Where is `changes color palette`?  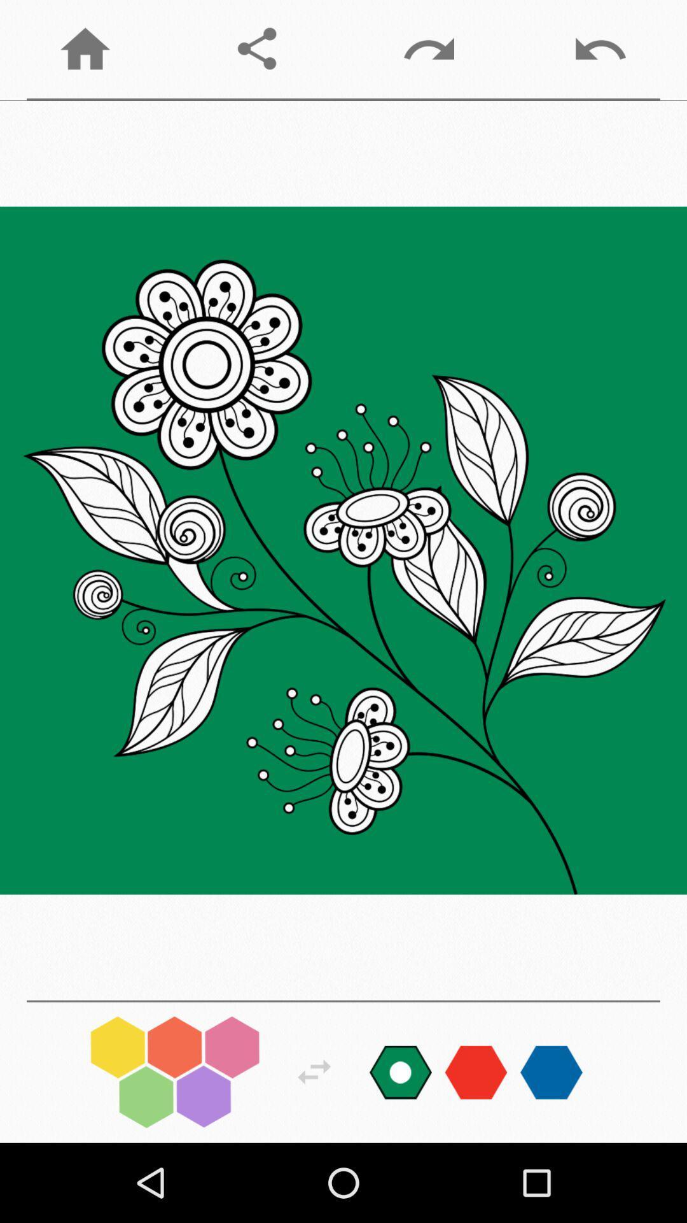 changes color palette is located at coordinates (476, 1071).